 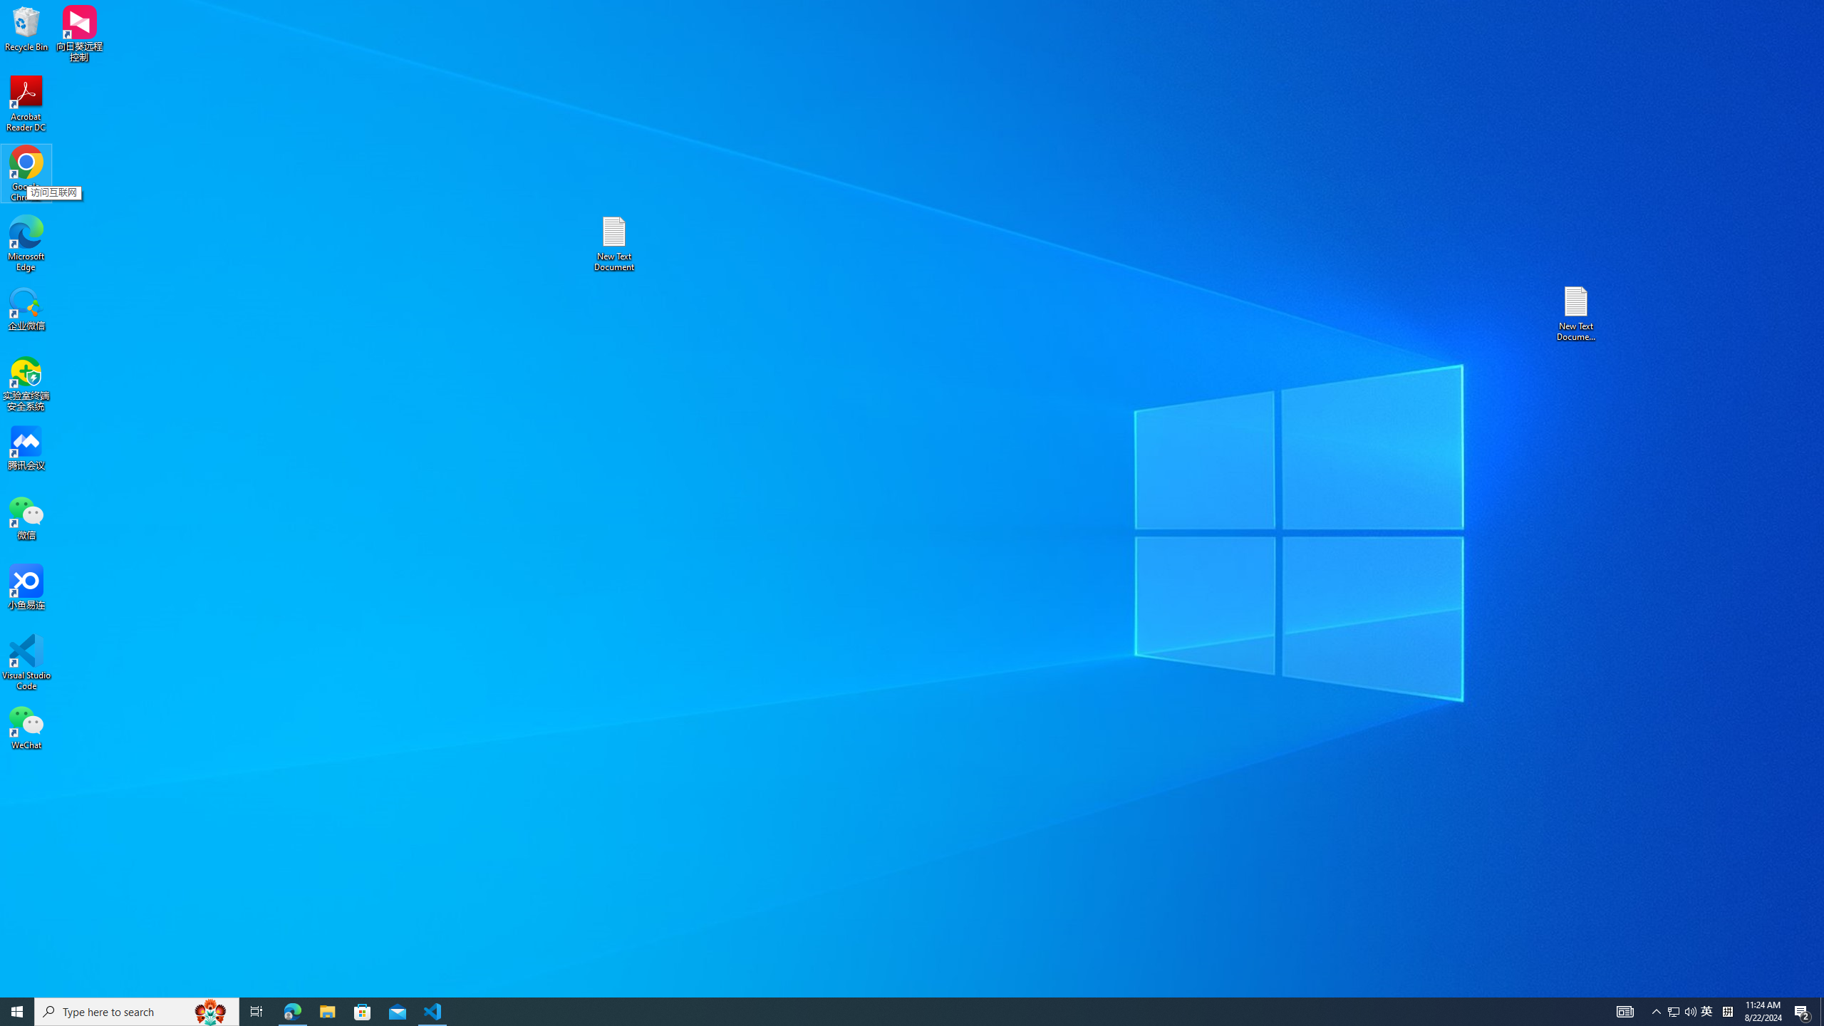 What do you see at coordinates (209, 1010) in the screenshot?
I see `'Search highlights icon opens search home window'` at bounding box center [209, 1010].